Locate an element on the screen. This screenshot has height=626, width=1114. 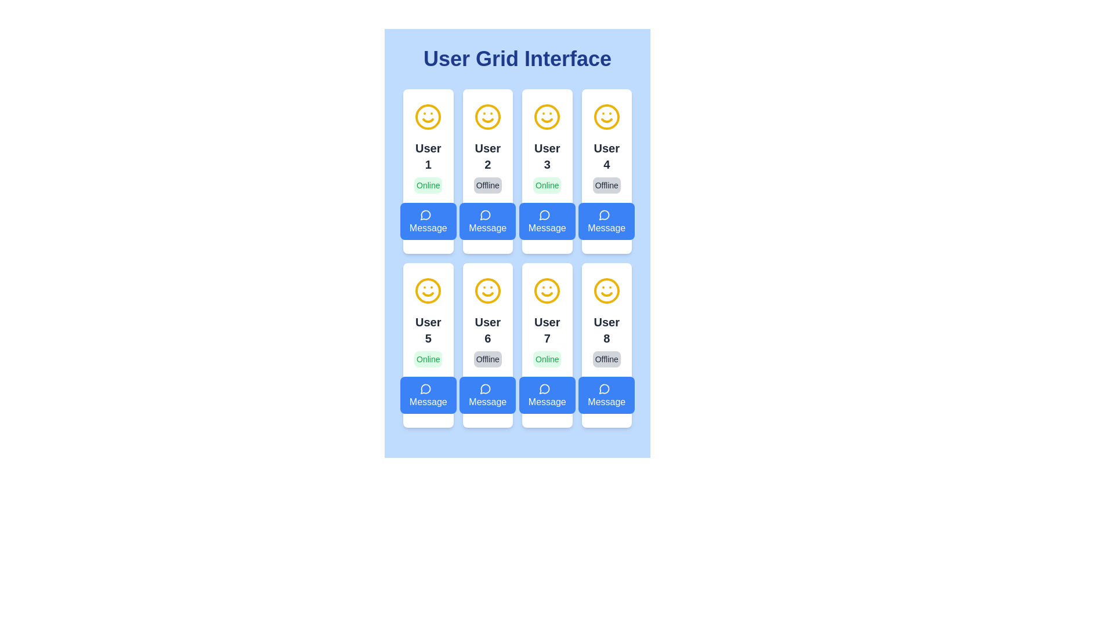
the Status indicator badge indicating the online status of 'User 1', which is located below the username and above the Message button is located at coordinates (428, 185).